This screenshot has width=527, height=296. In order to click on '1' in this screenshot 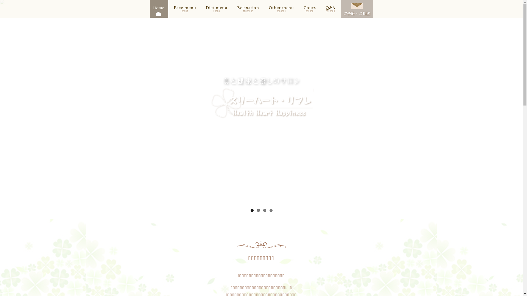, I will do `click(251, 210)`.